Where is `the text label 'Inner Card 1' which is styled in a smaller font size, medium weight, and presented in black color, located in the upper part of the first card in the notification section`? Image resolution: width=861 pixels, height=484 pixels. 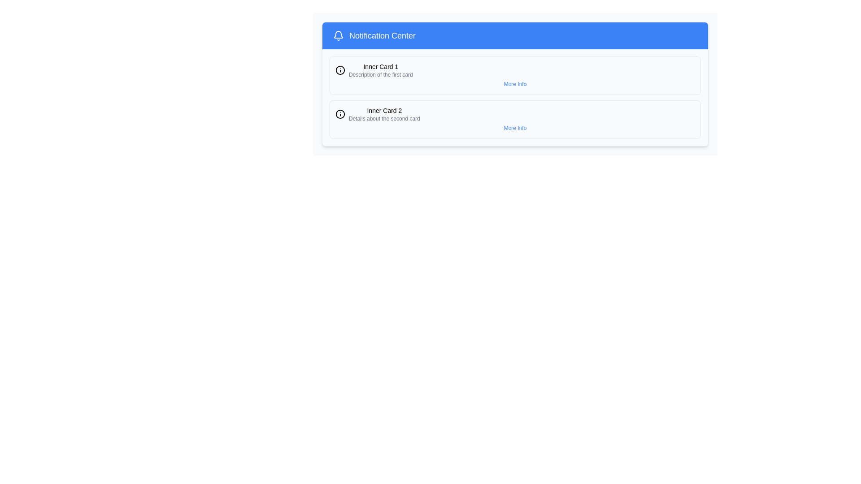
the text label 'Inner Card 1' which is styled in a smaller font size, medium weight, and presented in black color, located in the upper part of the first card in the notification section is located at coordinates (381, 66).